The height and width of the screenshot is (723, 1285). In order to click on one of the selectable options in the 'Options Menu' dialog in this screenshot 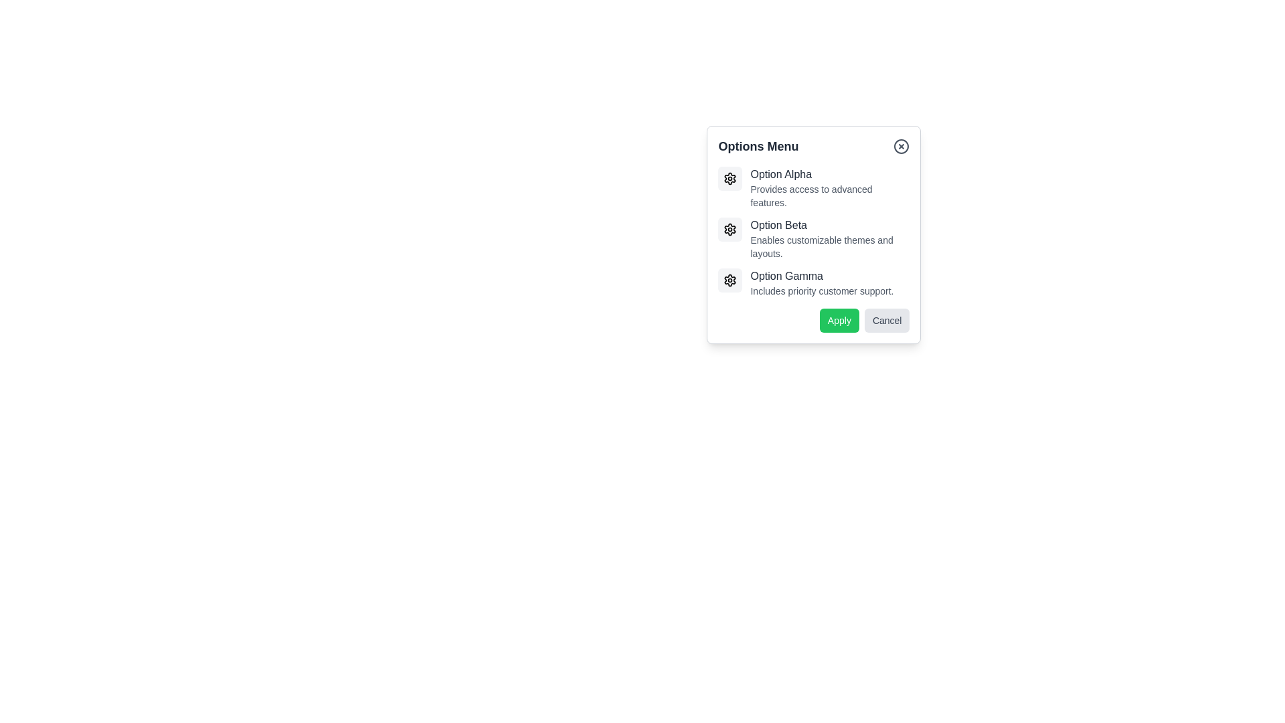, I will do `click(813, 232)`.